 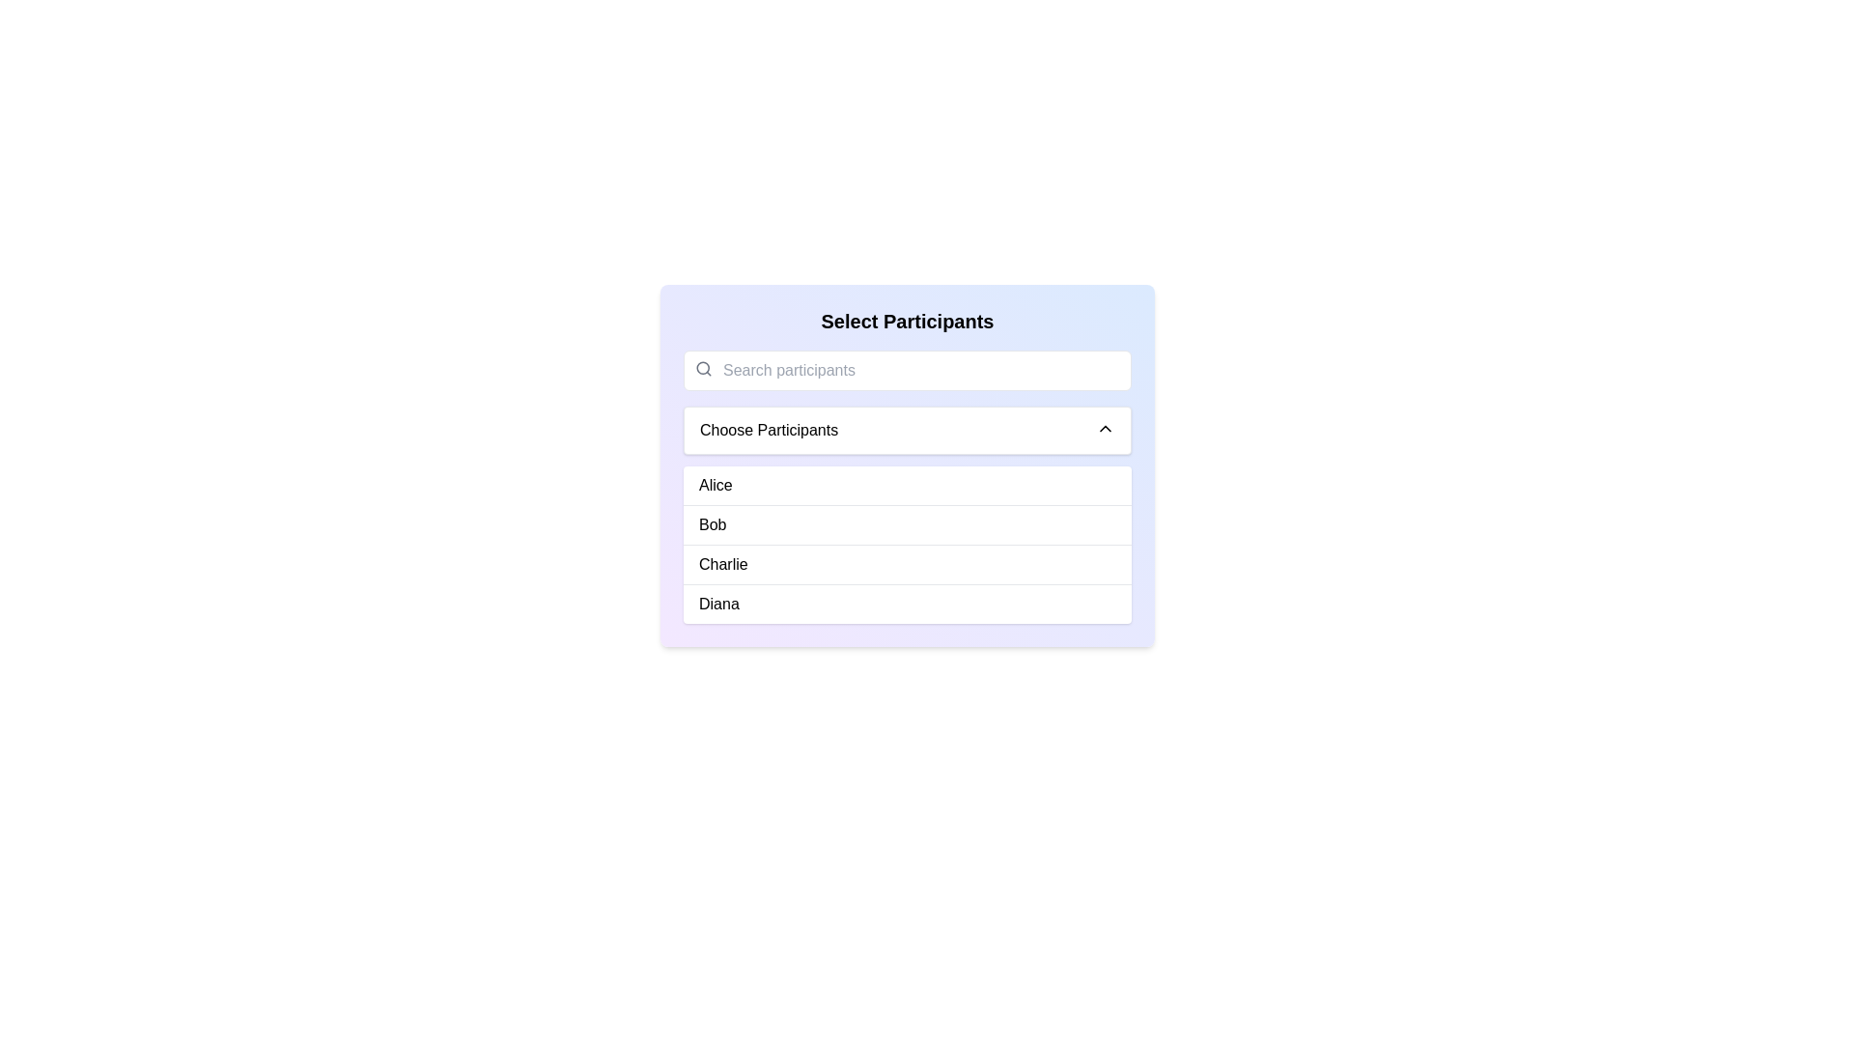 I want to click on the SVG circle element located in the toolbar area above the participant selection input field, so click(x=702, y=368).